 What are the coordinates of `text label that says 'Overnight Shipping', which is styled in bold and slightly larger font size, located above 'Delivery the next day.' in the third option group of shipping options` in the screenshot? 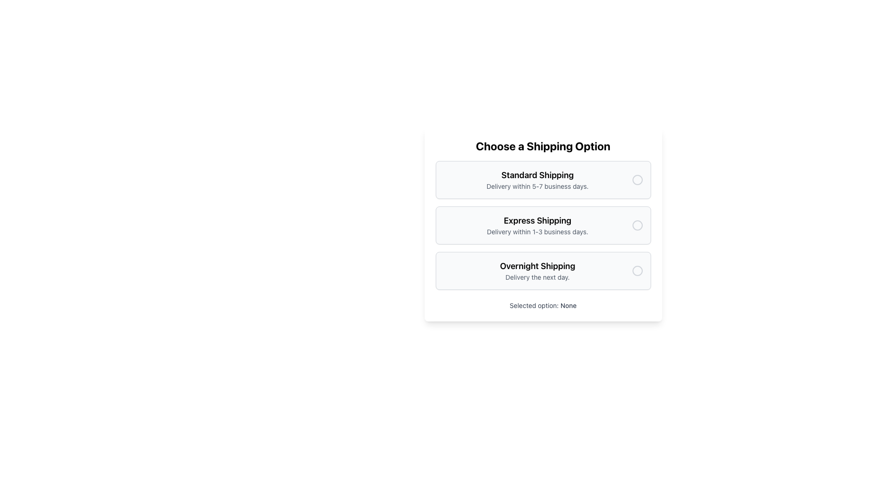 It's located at (537, 266).